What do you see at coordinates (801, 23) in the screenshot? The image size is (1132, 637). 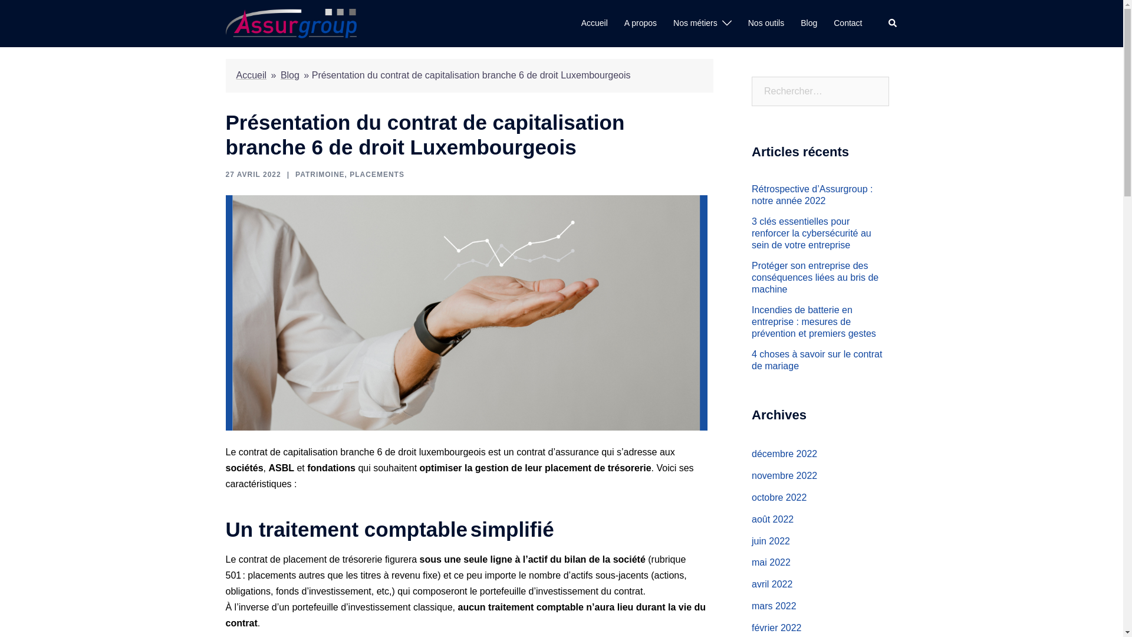 I see `'Blog'` at bounding box center [801, 23].